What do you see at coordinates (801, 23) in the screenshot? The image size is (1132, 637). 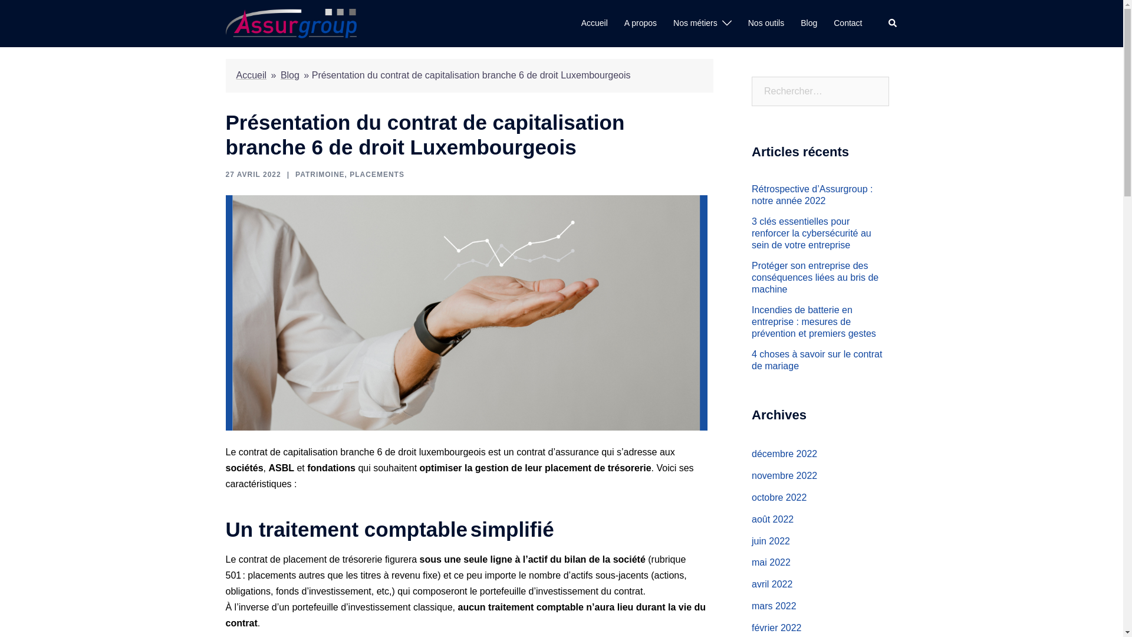 I see `'Blog'` at bounding box center [801, 23].